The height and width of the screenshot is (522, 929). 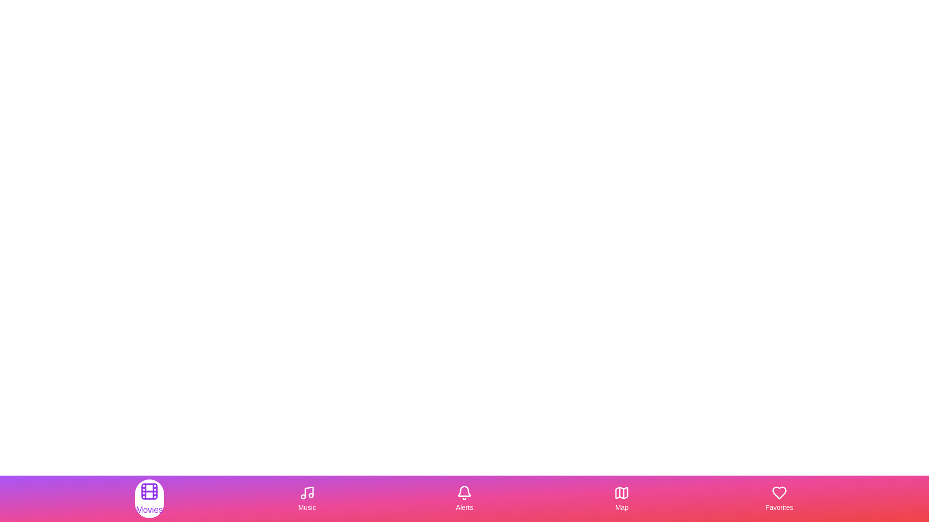 What do you see at coordinates (306, 499) in the screenshot?
I see `the tab labeled Music in the MultimediaBottomNavigation component` at bounding box center [306, 499].